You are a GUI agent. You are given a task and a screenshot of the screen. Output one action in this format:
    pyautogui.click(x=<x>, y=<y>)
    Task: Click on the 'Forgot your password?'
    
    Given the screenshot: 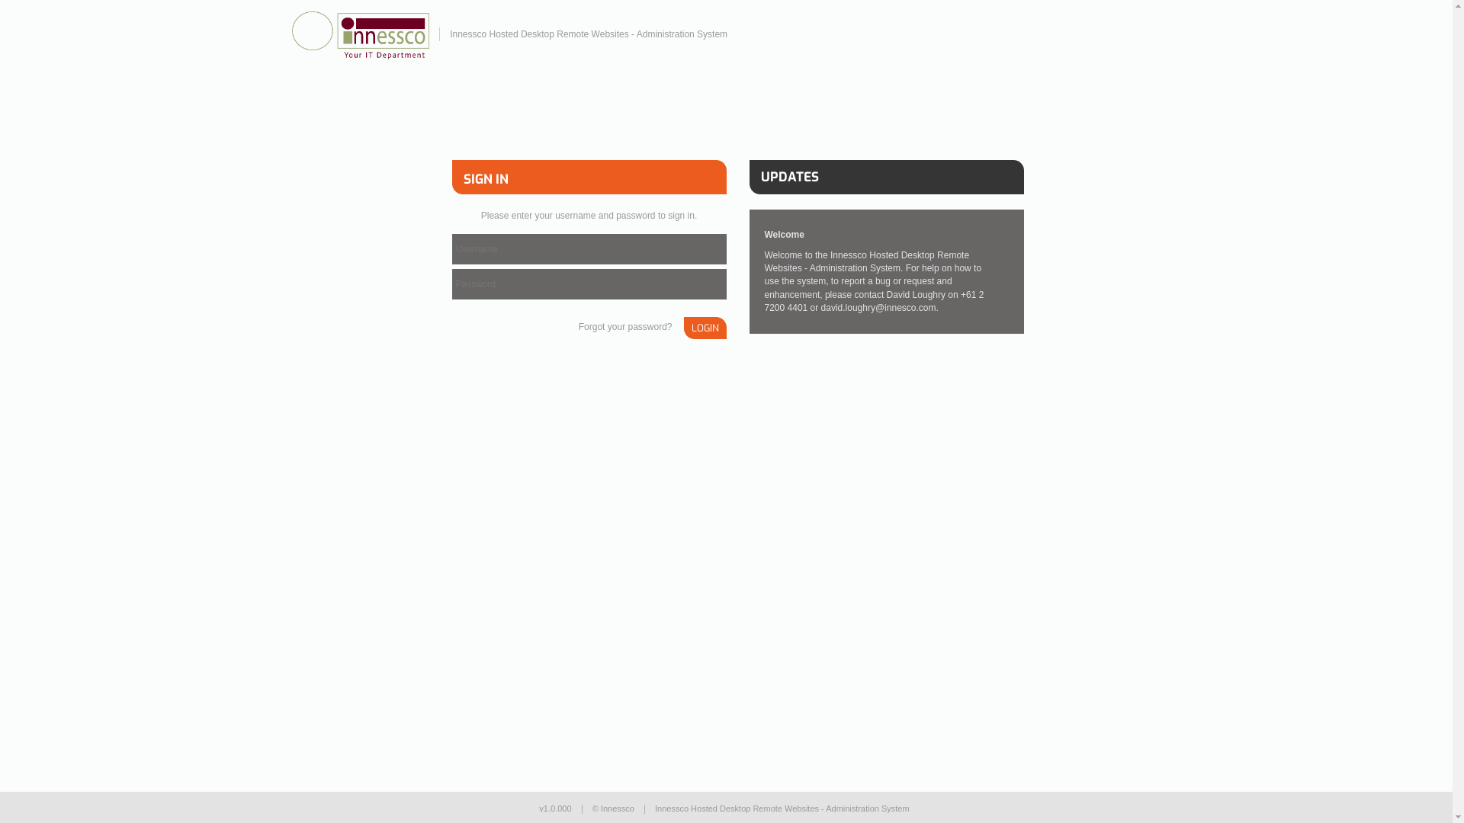 What is the action you would take?
    pyautogui.click(x=625, y=326)
    